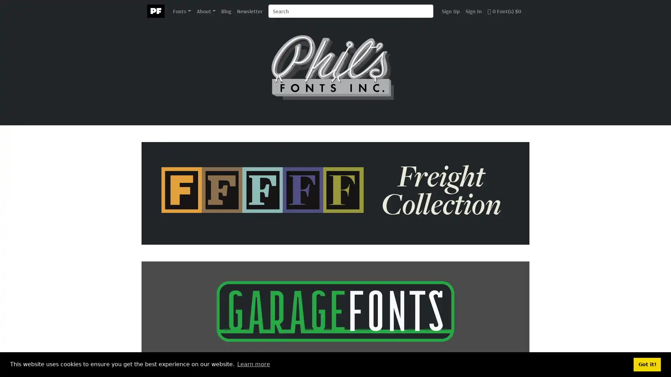 The width and height of the screenshot is (671, 377). Describe the element at coordinates (182, 10) in the screenshot. I see `Fonts` at that location.